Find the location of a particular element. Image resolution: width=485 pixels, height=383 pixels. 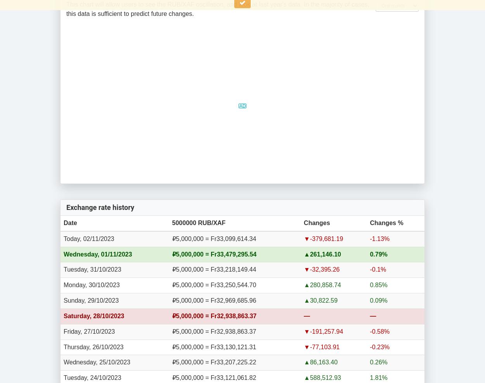

'₽5,000,000 = Fr32,969,685.96' is located at coordinates (214, 300).